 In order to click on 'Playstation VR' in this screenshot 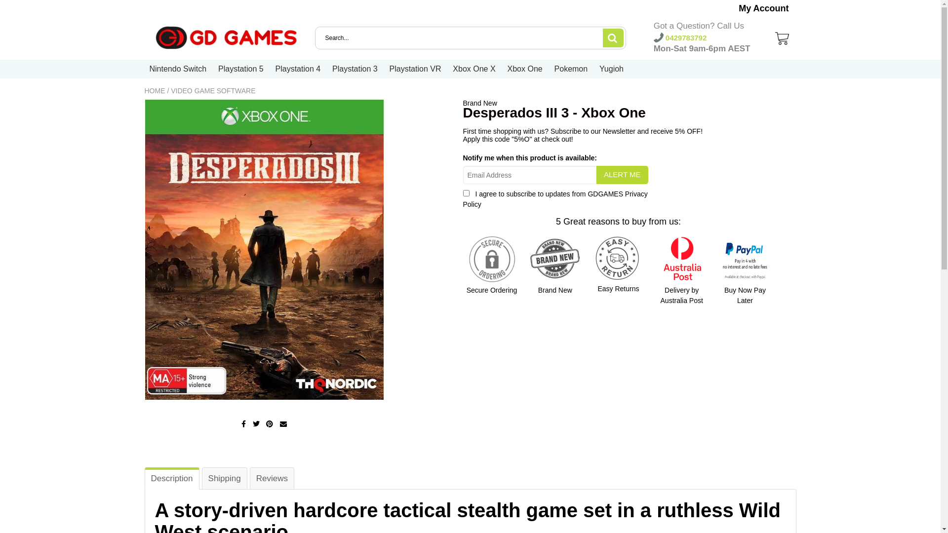, I will do `click(389, 68)`.